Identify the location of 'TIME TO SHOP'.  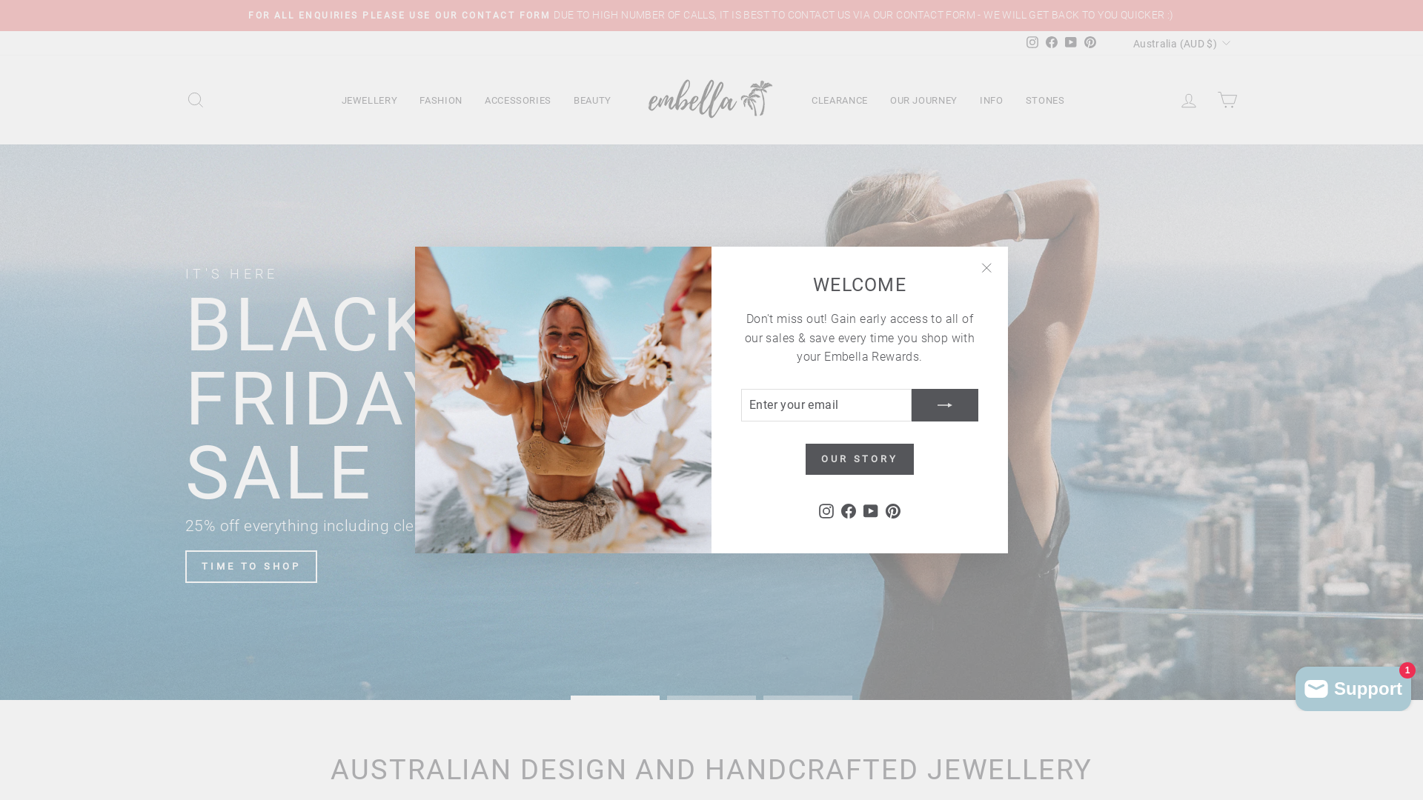
(251, 566).